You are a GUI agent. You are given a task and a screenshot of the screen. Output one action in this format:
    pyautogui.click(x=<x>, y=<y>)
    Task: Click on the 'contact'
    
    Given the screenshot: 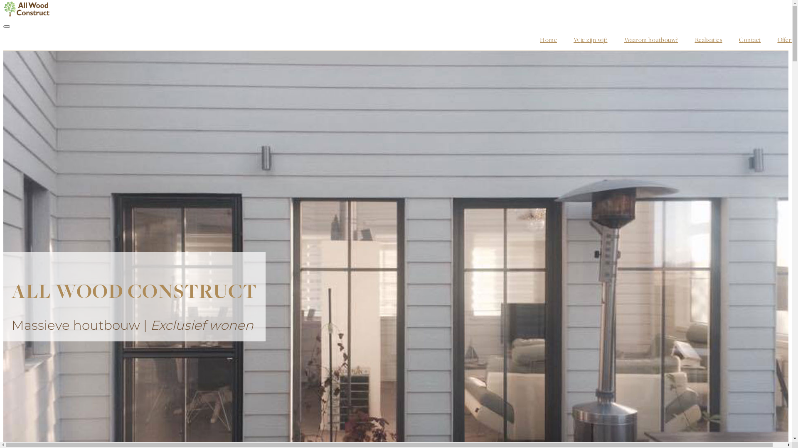 What is the action you would take?
    pyautogui.click(x=750, y=39)
    